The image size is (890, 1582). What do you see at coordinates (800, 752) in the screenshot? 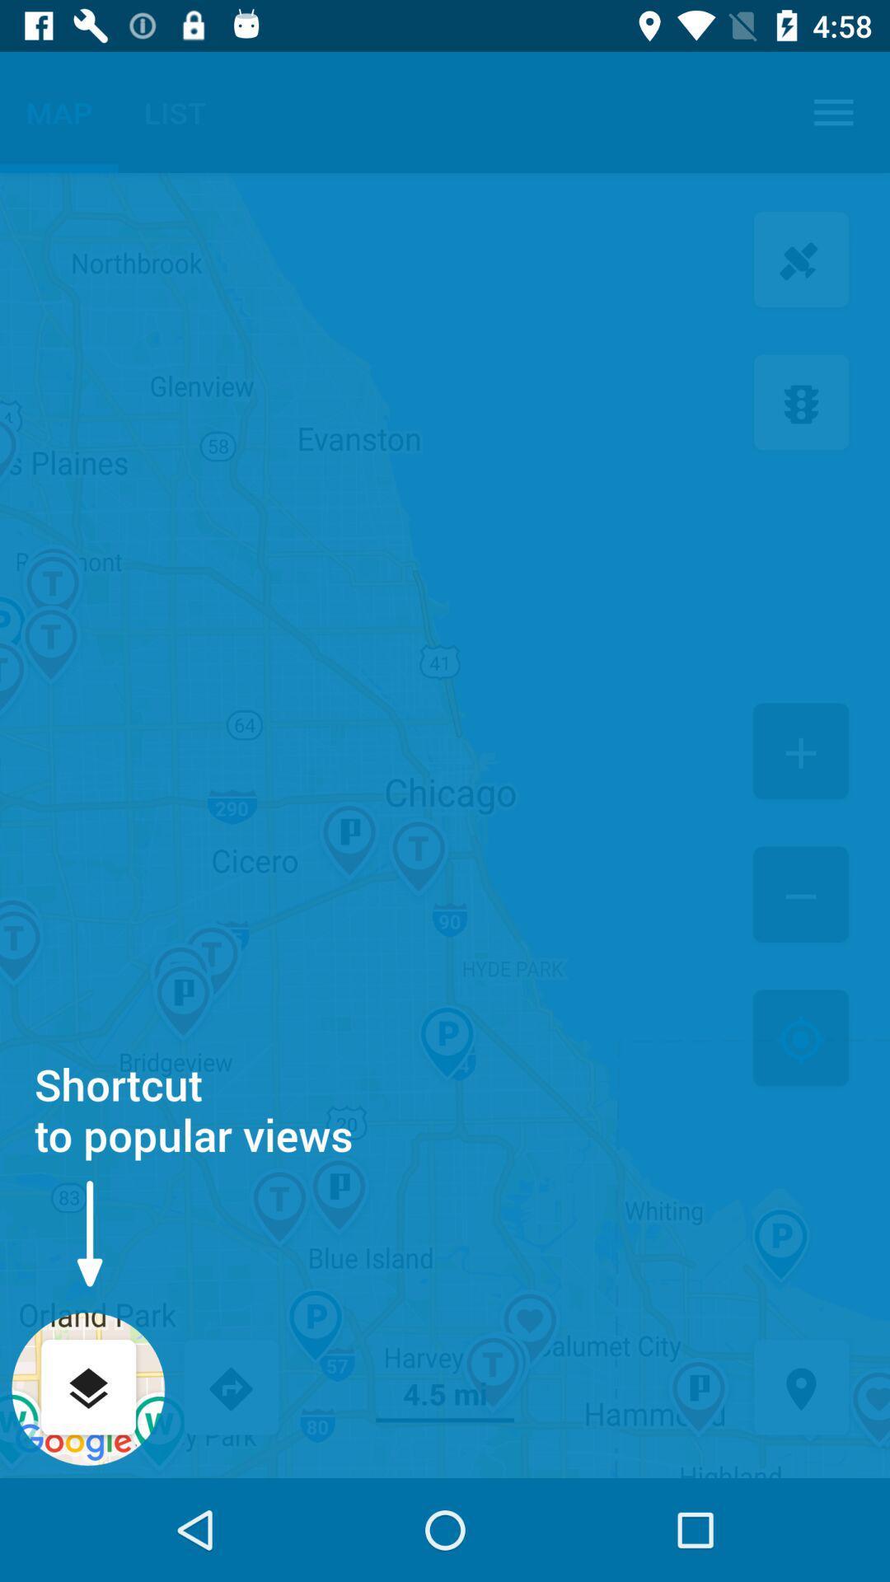
I see `zoom in` at bounding box center [800, 752].